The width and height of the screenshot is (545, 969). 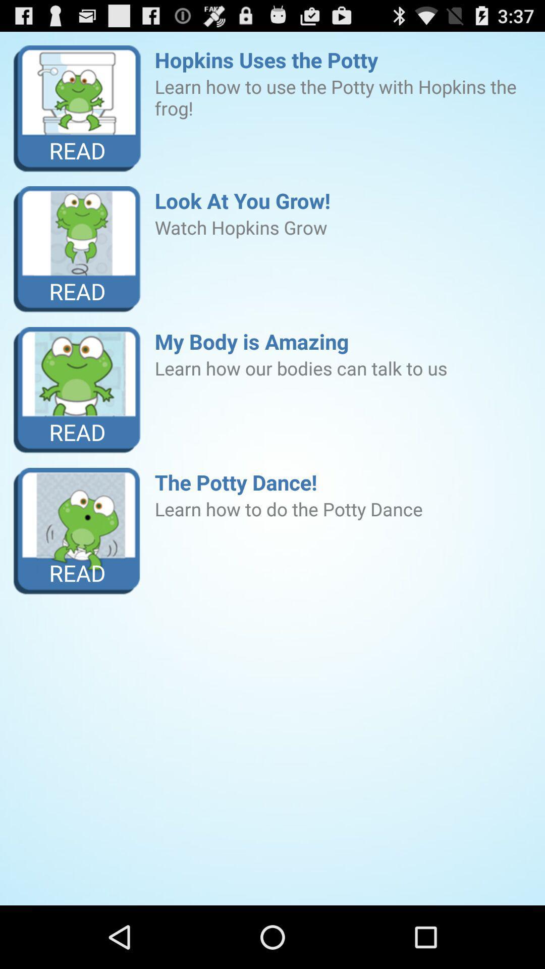 I want to click on app to the left of the look at you item, so click(x=77, y=249).